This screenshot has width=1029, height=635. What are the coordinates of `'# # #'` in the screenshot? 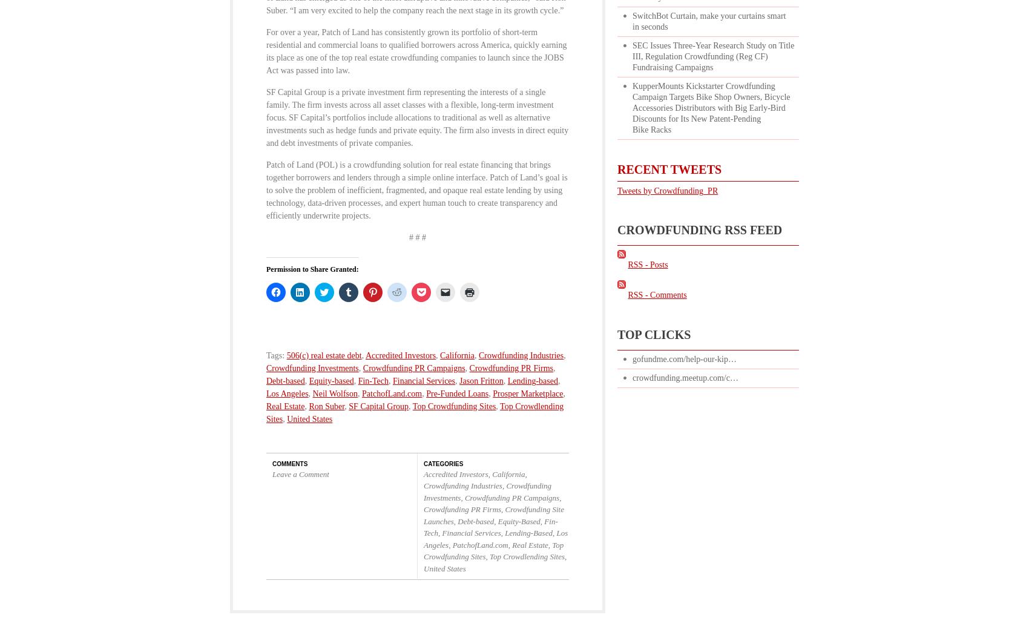 It's located at (418, 237).